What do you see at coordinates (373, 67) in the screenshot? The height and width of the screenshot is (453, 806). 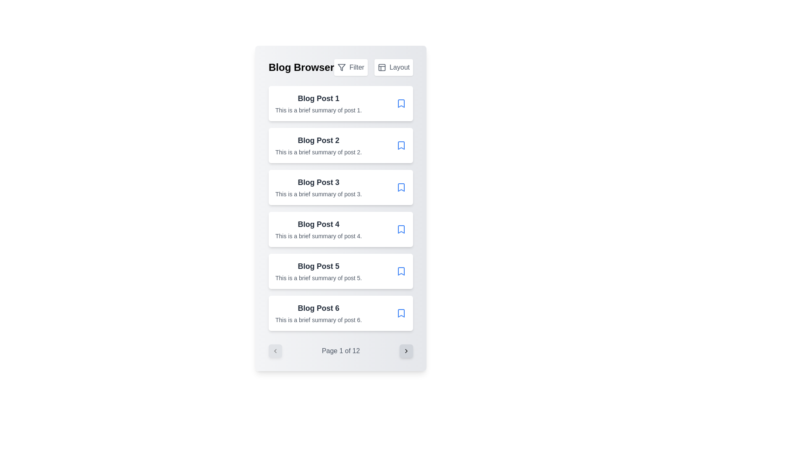 I see `the 'Filter' and 'Layout' buttons in the Control group located in the top-right section of the Blog Browser interface` at bounding box center [373, 67].